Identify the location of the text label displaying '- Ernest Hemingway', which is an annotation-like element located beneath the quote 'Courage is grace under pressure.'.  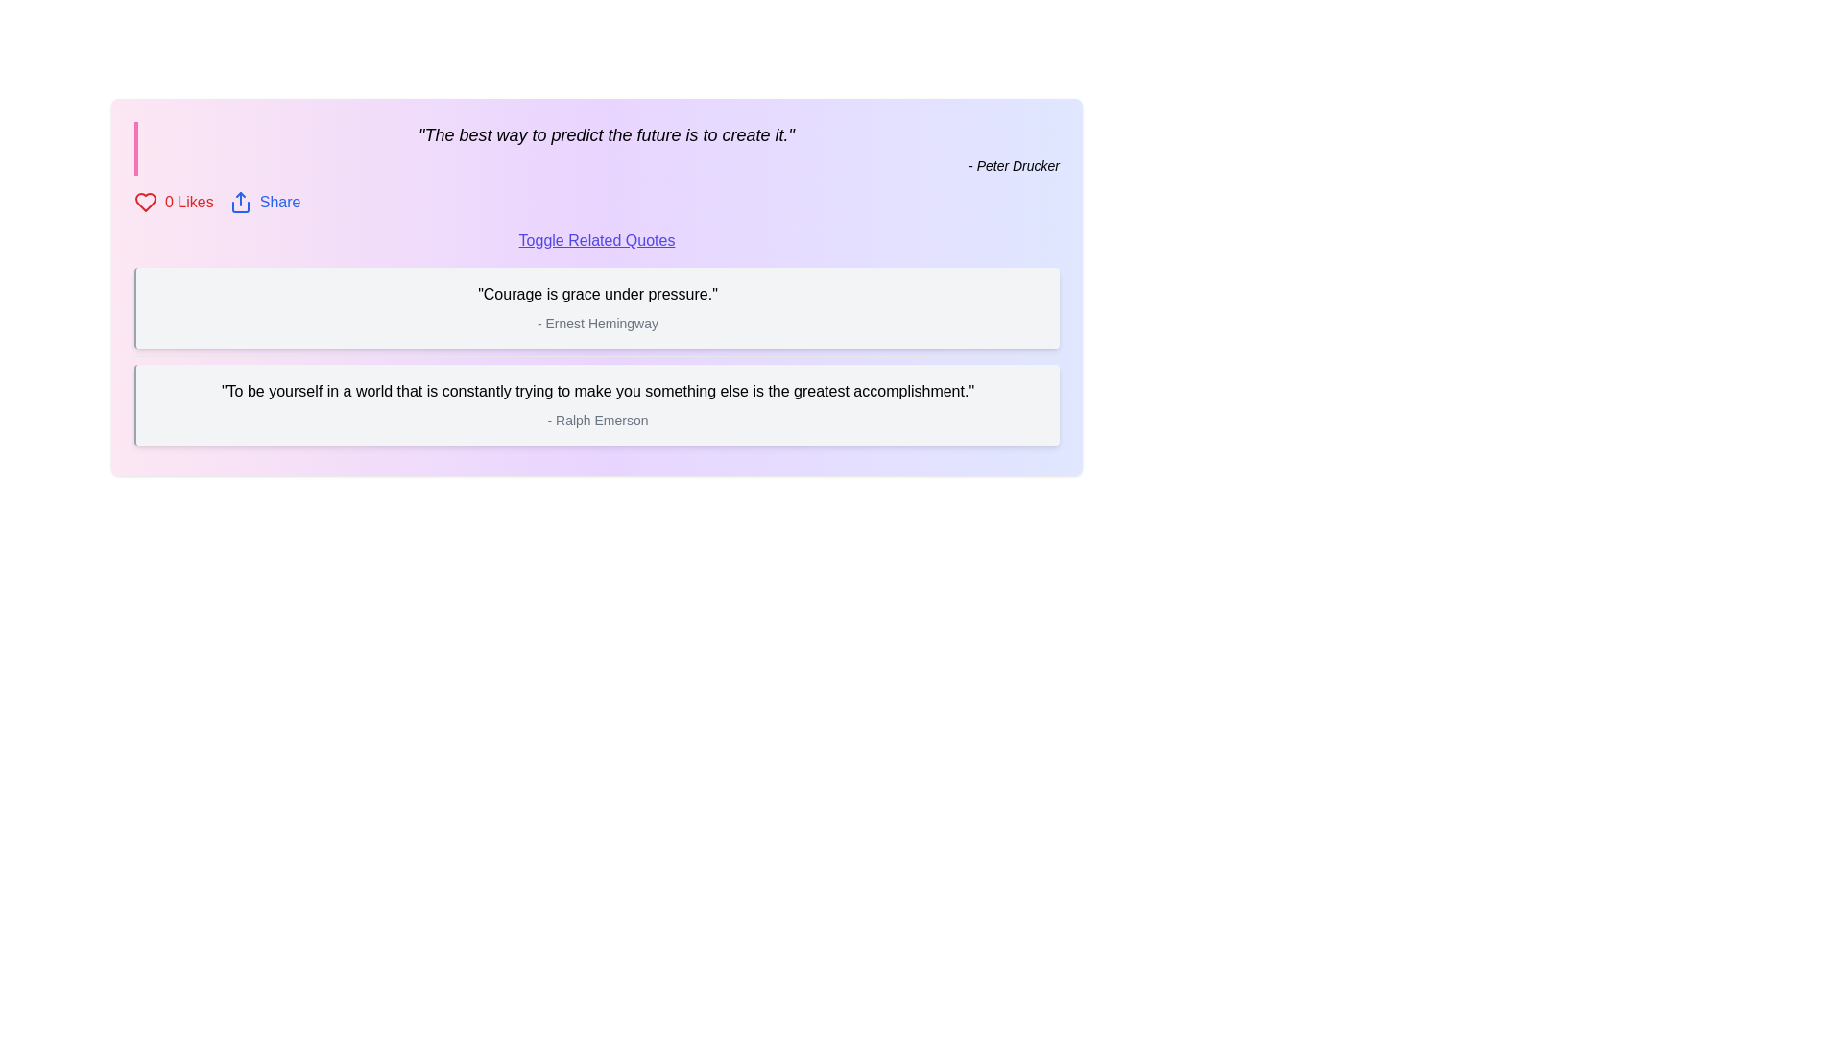
(597, 322).